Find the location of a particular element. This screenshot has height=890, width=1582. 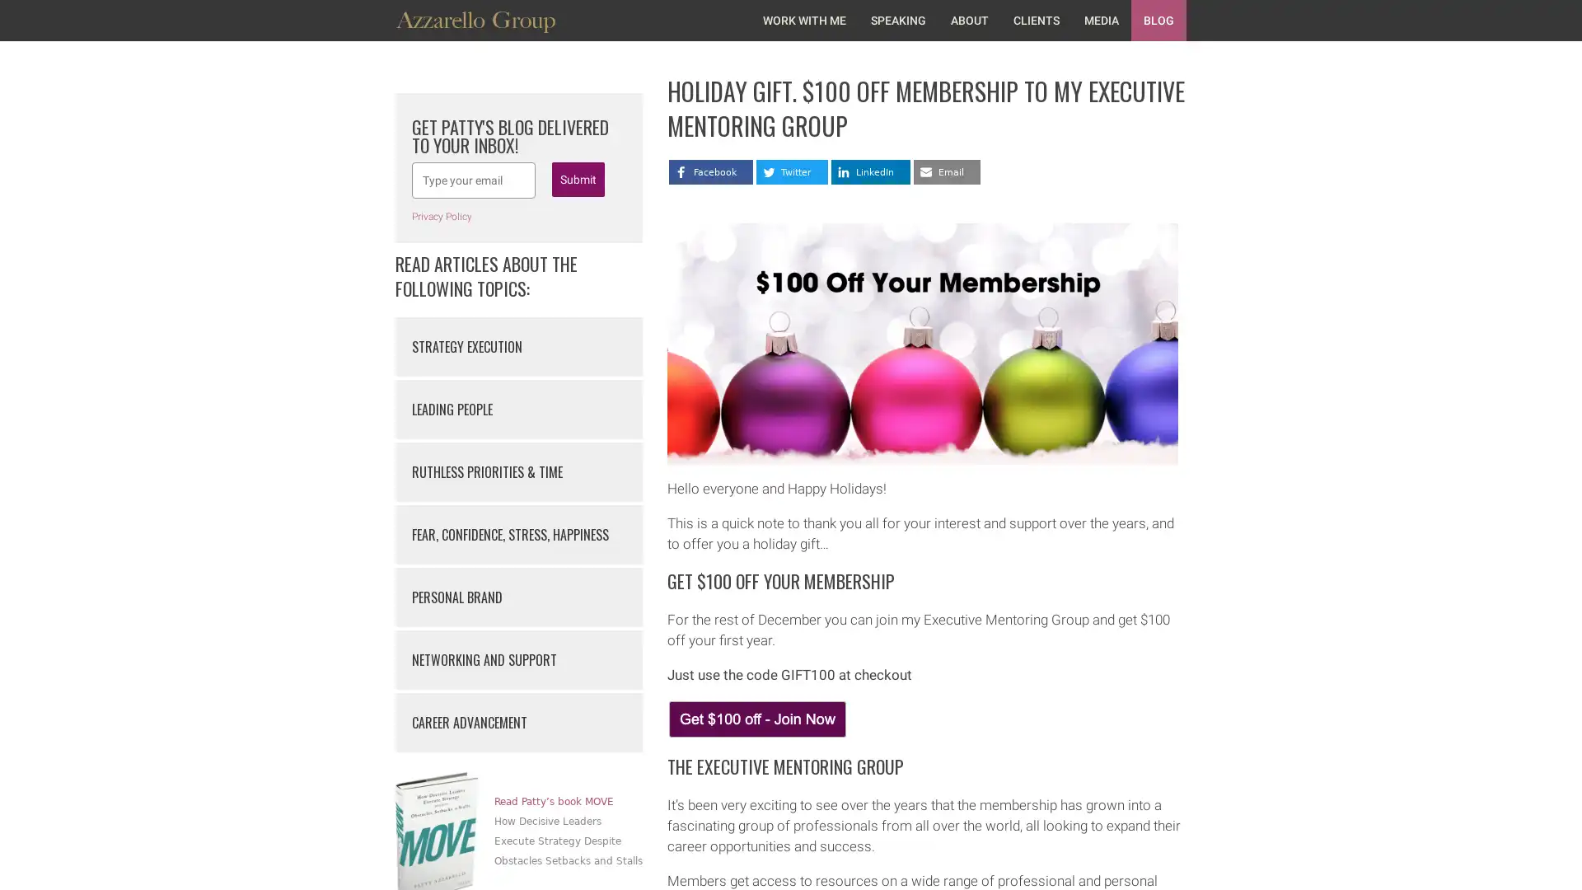

NETWORKING AND SUPPORT is located at coordinates (517, 659).